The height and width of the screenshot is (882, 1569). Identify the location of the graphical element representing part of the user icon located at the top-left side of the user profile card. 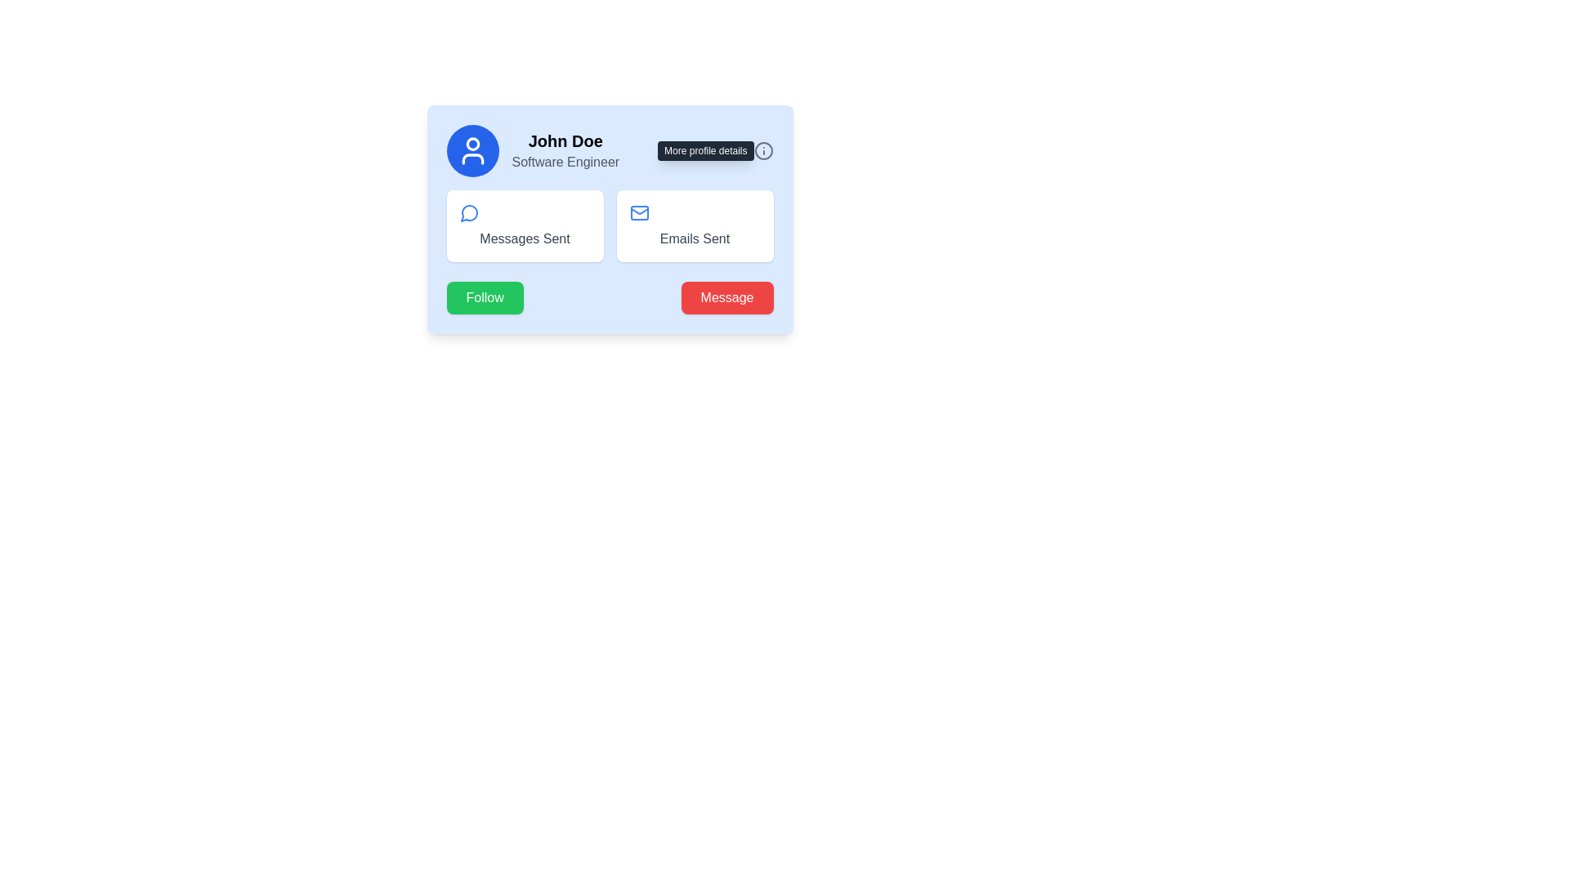
(472, 143).